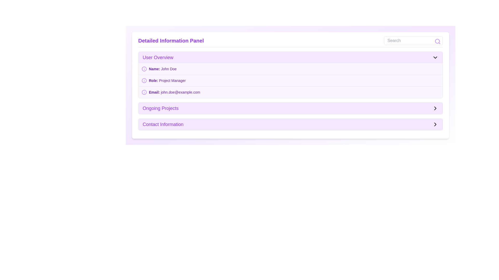 This screenshot has height=280, width=499. Describe the element at coordinates (144, 92) in the screenshot. I see `the circular SVG graphic icon that signifies the email information row in the 'User Overview' section, located to the left of the email address text` at that location.